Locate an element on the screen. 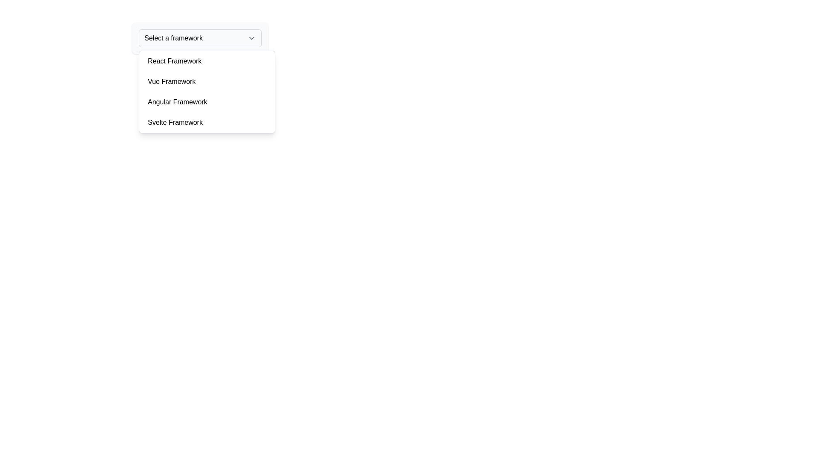  the 'Angular Framework' dropdown menu item is located at coordinates (207, 101).